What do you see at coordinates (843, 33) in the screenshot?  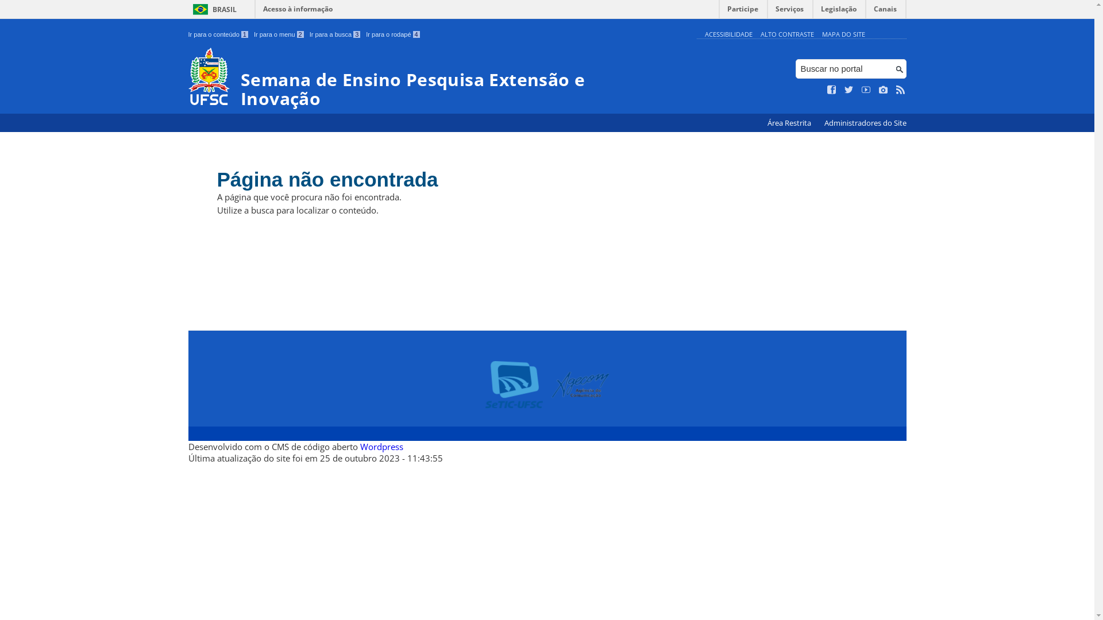 I see `'MAPA DO SITE'` at bounding box center [843, 33].